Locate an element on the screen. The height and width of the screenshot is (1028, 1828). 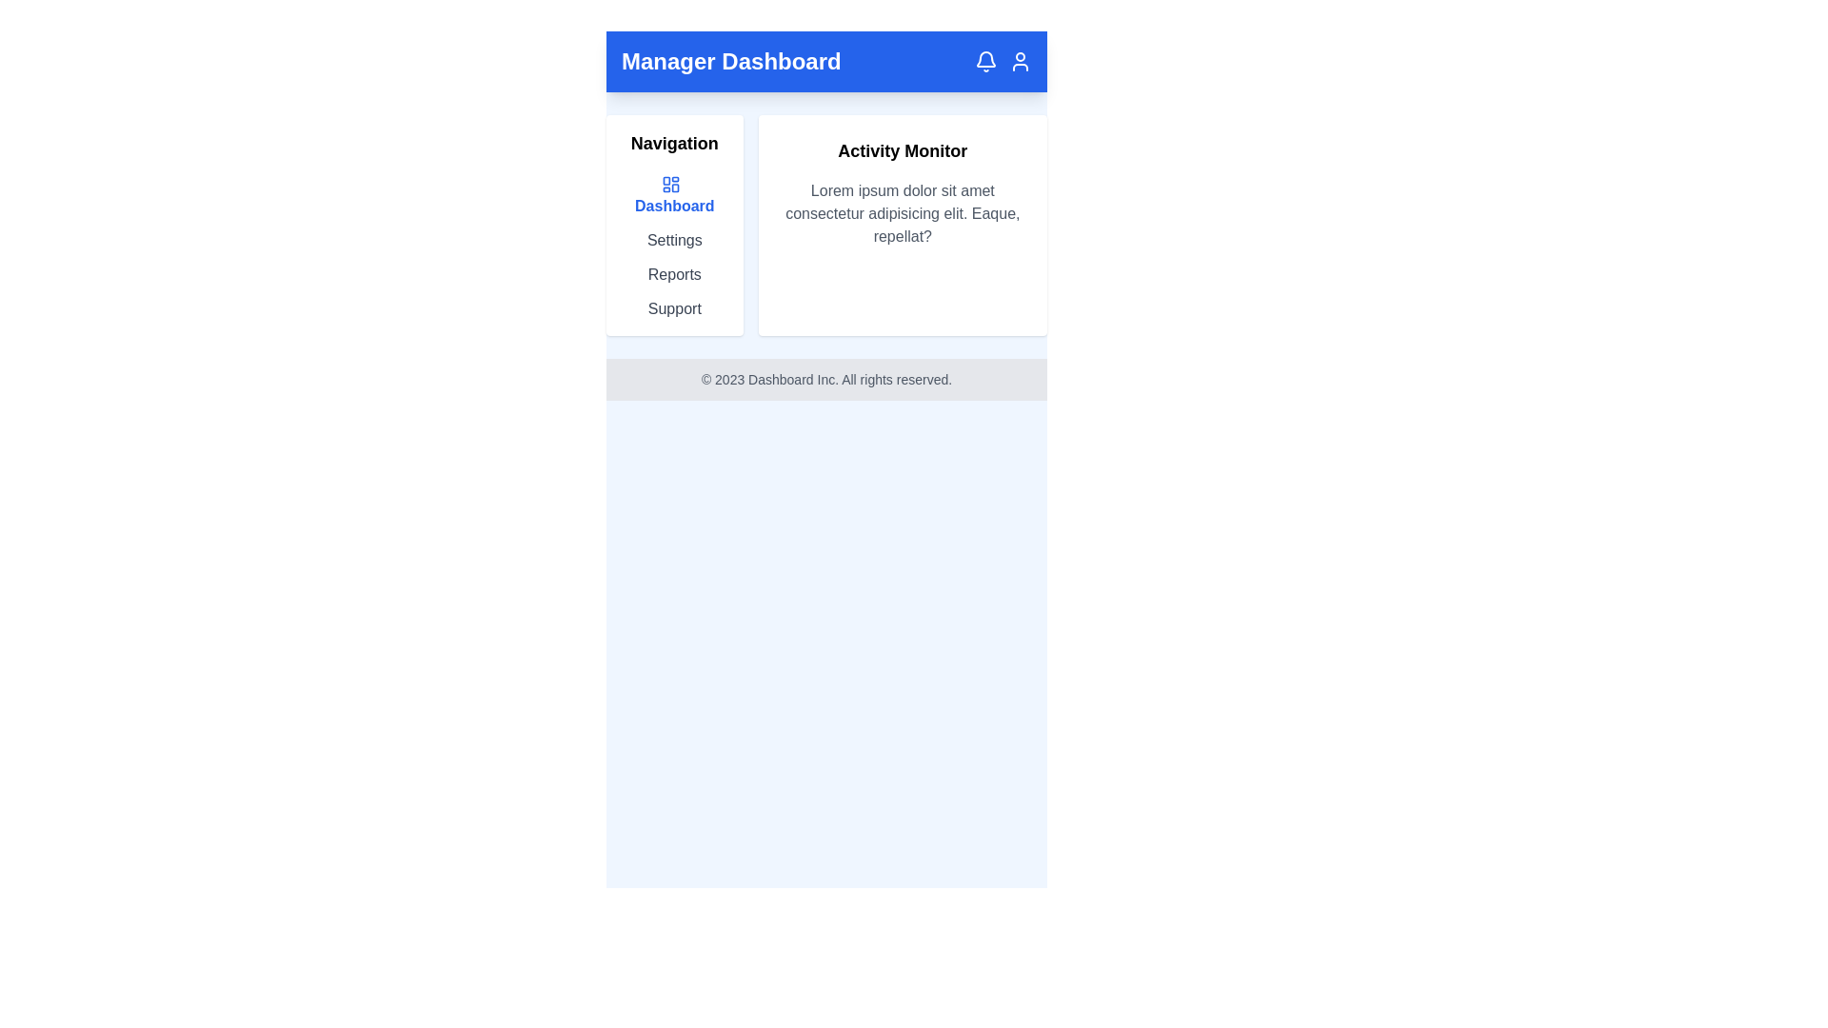
the bell icon located on the top-right section of the blue-colored header bar, which features a minimalistic design with a rounded top and flared bottom, outlined with a thin black stroke and filled with light blue color is located at coordinates (986, 58).